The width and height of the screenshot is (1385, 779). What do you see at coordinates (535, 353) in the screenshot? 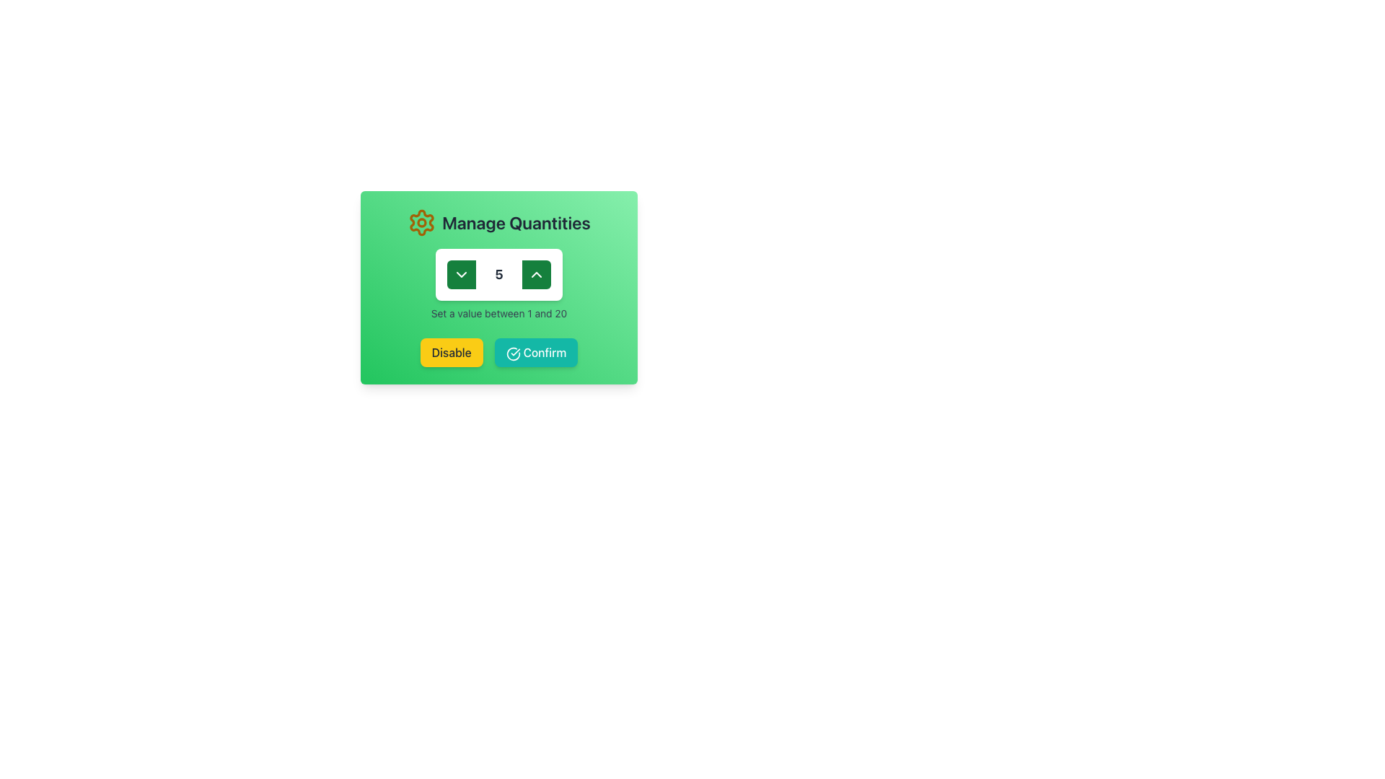
I see `the 'Confirm' button located in the bottom right area of the card to finalize the chosen value or action` at bounding box center [535, 353].